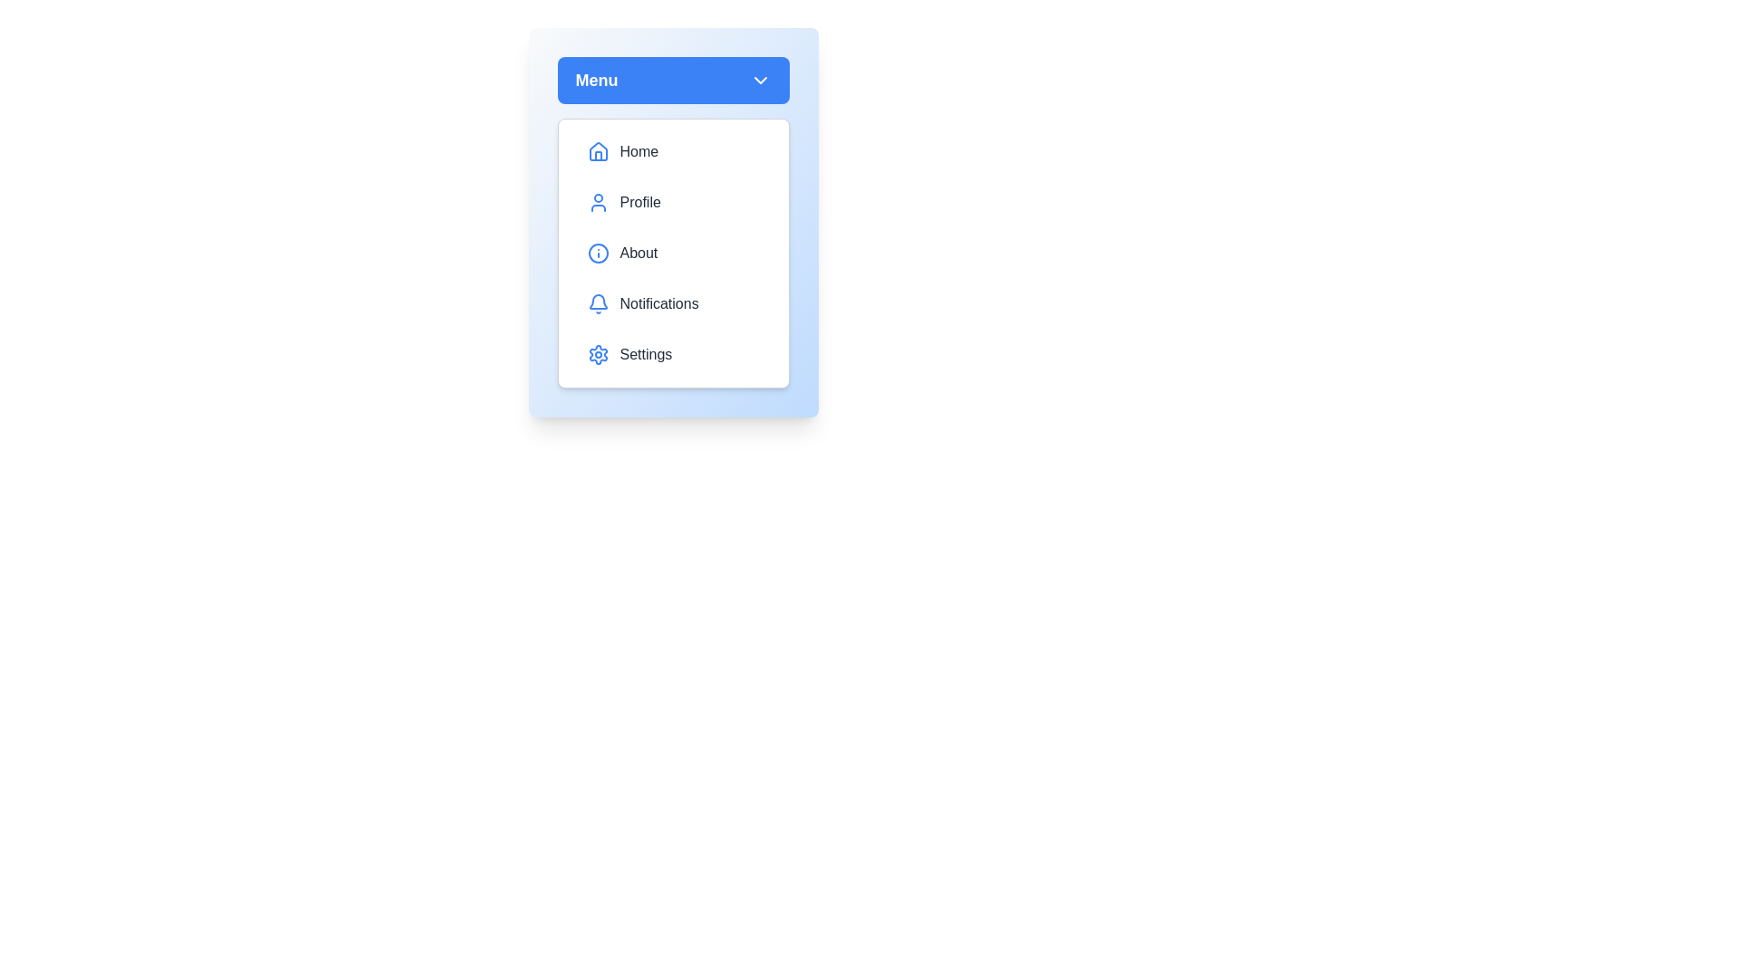 The image size is (1739, 978). I want to click on the menu option Home to highlight it, so click(672, 151).